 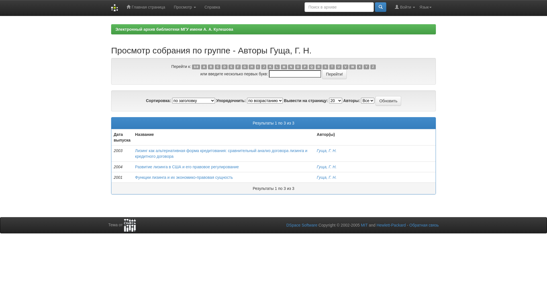 I want to click on 'L', so click(x=277, y=67).